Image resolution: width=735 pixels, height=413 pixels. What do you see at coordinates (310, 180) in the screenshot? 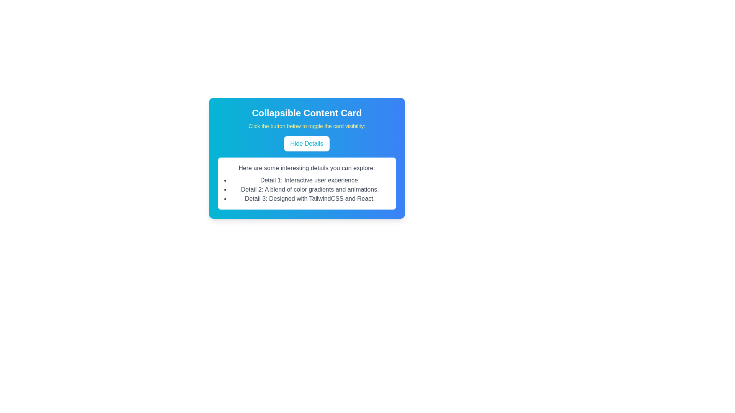
I see `the text element that displays 'Detail 1: Interactive user experience.' which is the first item in a bulleted list within a white content box against a blue background` at bounding box center [310, 180].